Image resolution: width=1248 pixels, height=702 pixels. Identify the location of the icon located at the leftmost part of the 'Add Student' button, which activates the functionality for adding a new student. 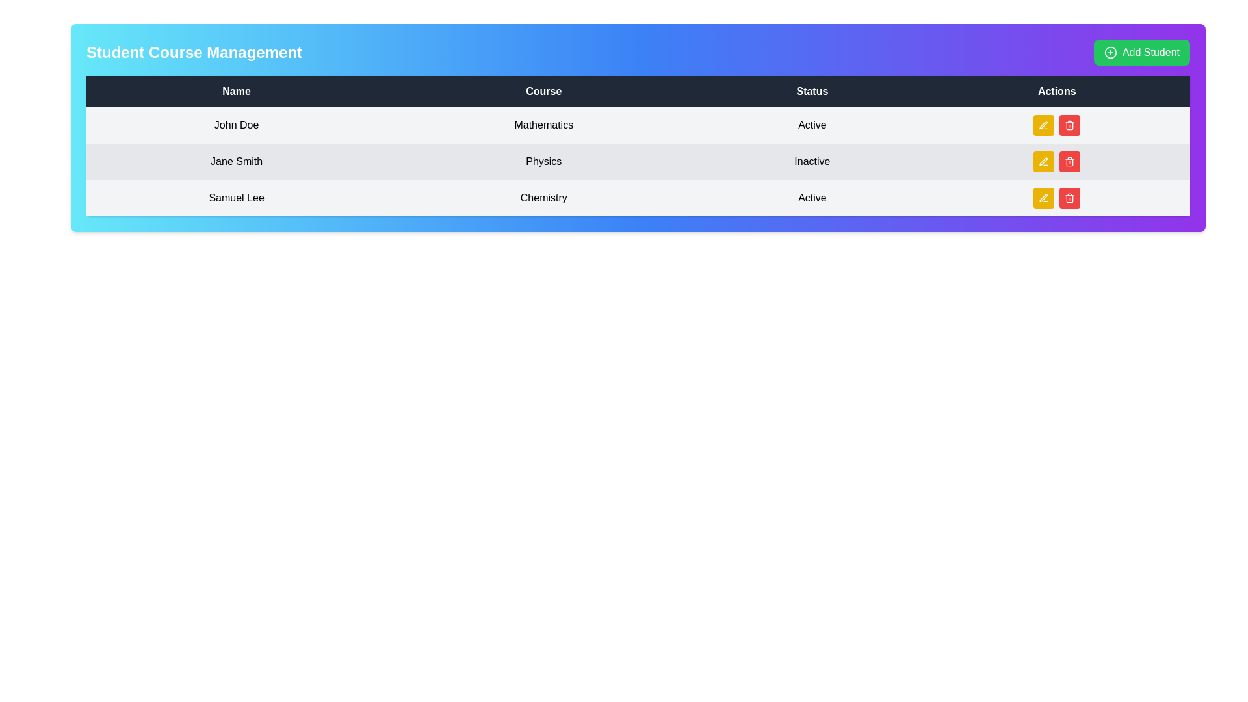
(1110, 52).